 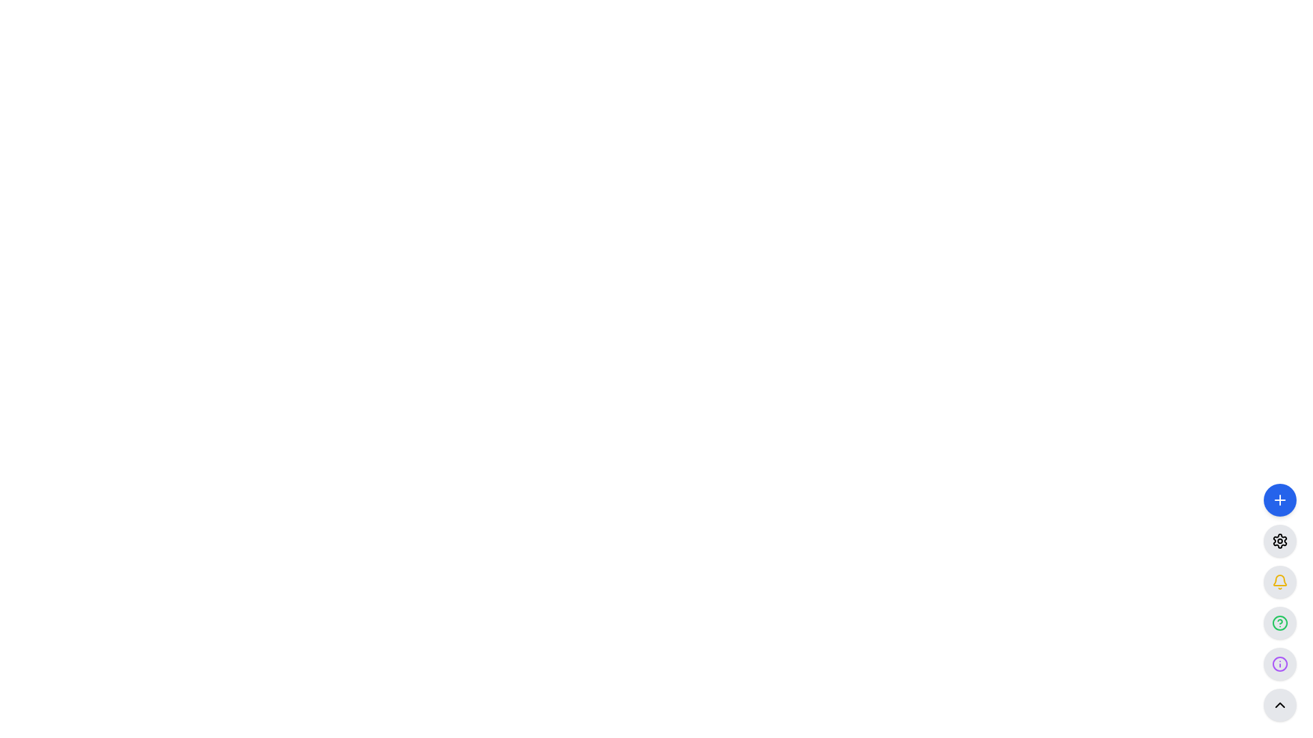 I want to click on the circular purple info icon button located between the green question mark icon and the pink-bordered square icon, so click(x=1279, y=664).